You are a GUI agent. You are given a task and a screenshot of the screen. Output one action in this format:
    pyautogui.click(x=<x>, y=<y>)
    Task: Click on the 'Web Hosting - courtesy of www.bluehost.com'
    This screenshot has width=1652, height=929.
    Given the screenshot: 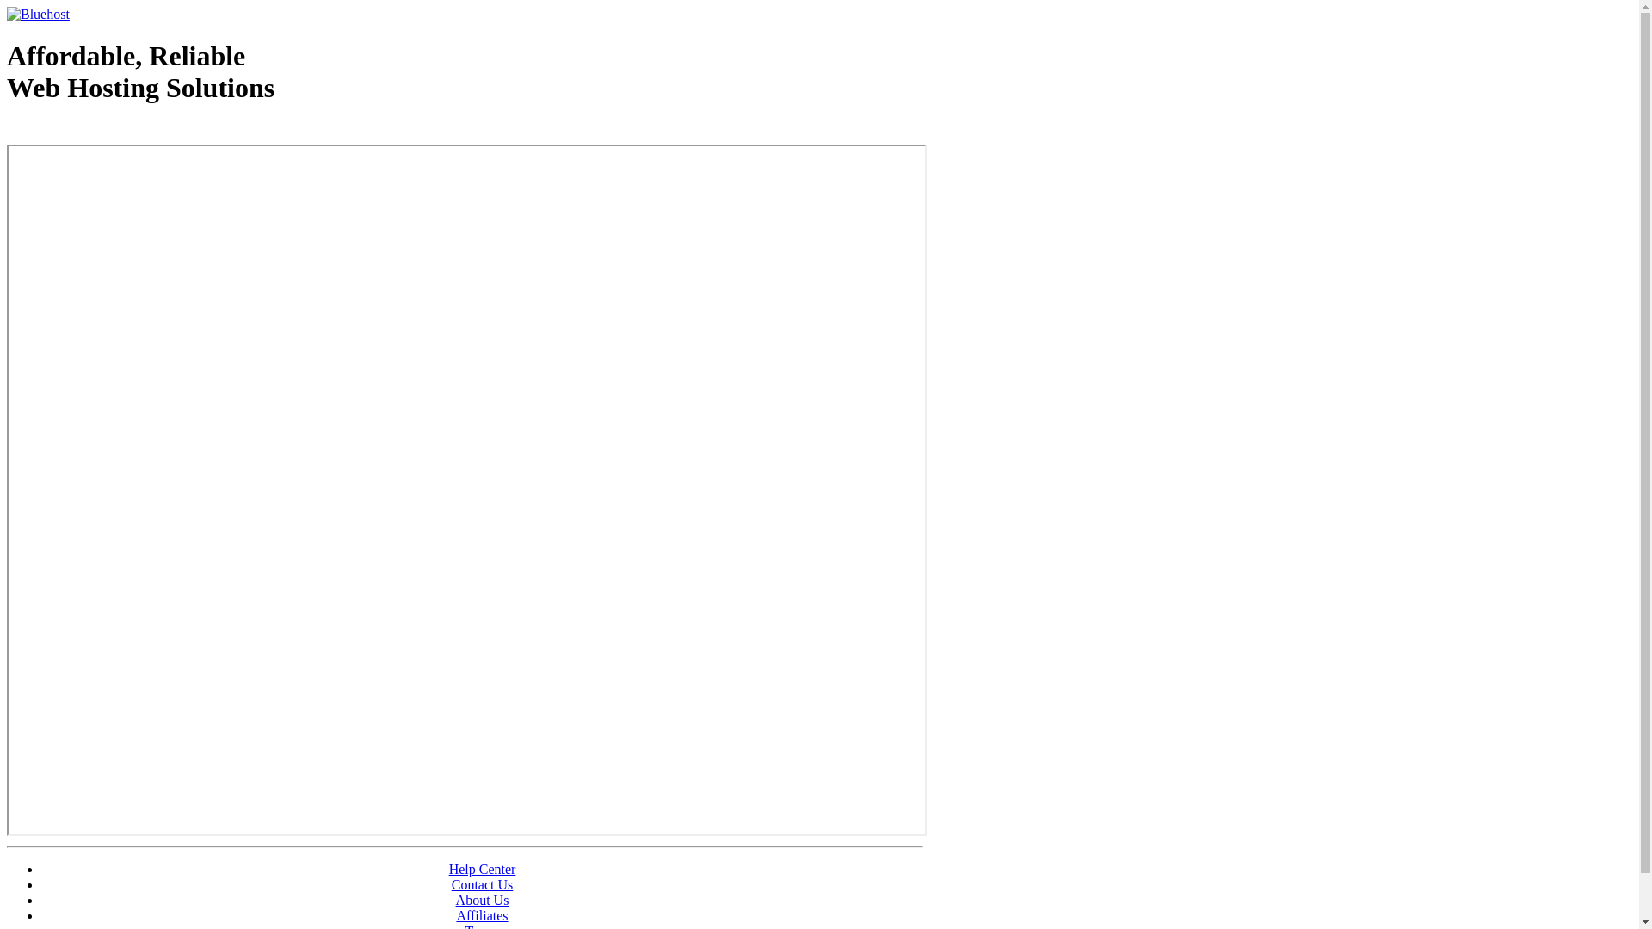 What is the action you would take?
    pyautogui.click(x=7, y=131)
    